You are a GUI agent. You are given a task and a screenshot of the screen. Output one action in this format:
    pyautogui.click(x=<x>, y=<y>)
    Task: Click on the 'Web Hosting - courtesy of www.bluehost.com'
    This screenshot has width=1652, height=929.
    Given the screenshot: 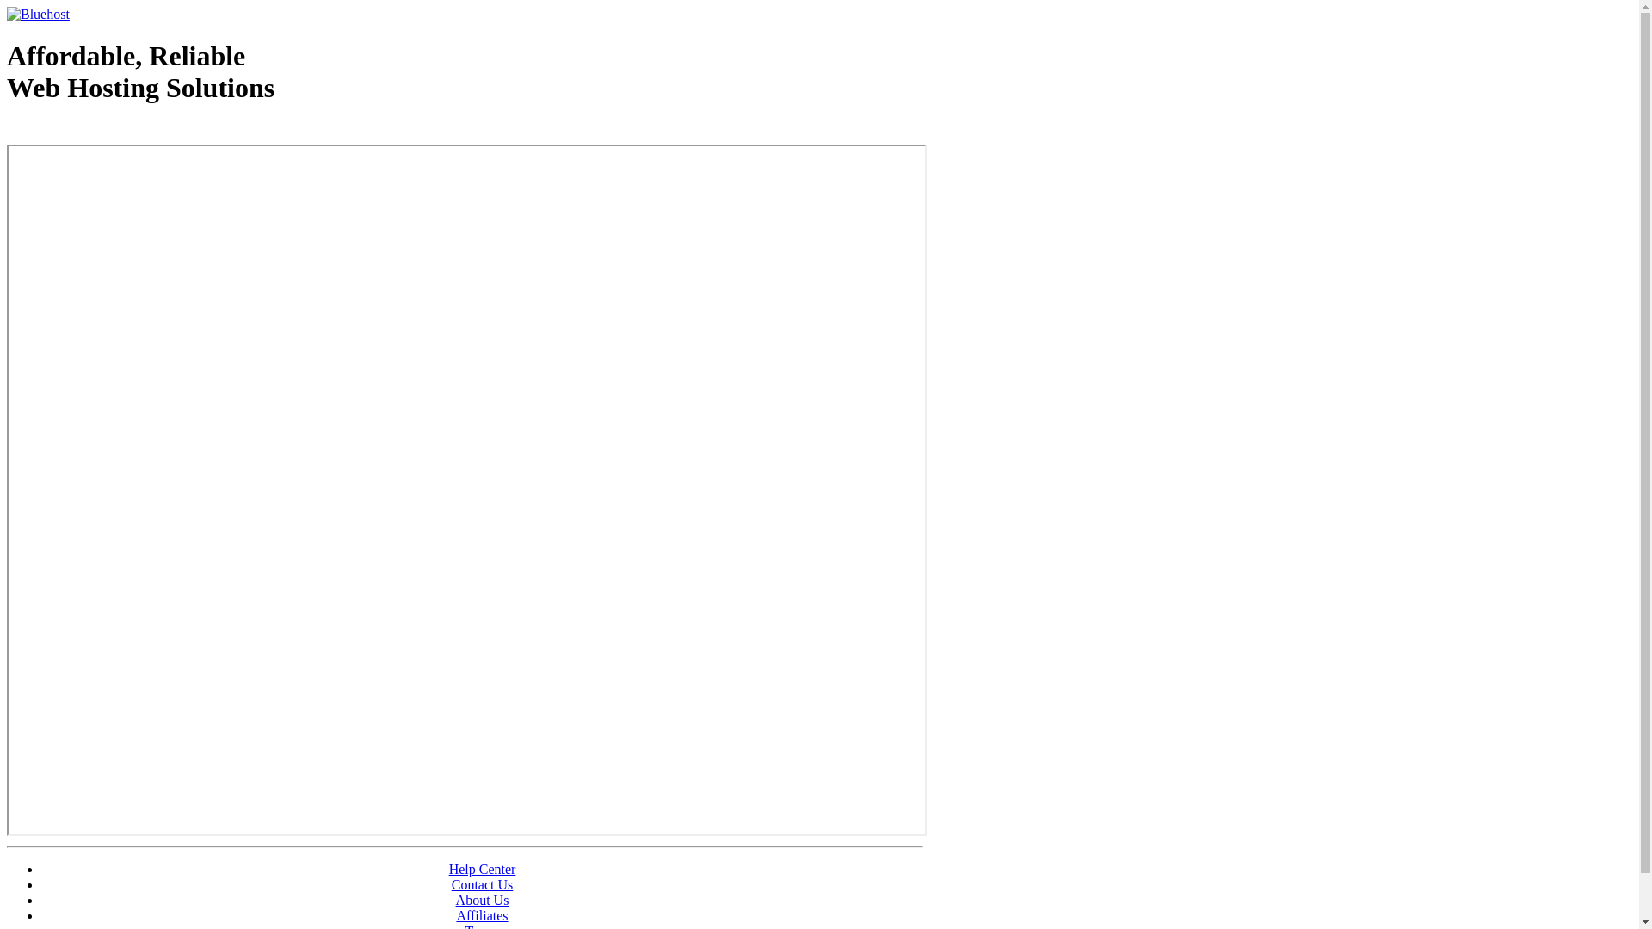 What is the action you would take?
    pyautogui.click(x=7, y=131)
    